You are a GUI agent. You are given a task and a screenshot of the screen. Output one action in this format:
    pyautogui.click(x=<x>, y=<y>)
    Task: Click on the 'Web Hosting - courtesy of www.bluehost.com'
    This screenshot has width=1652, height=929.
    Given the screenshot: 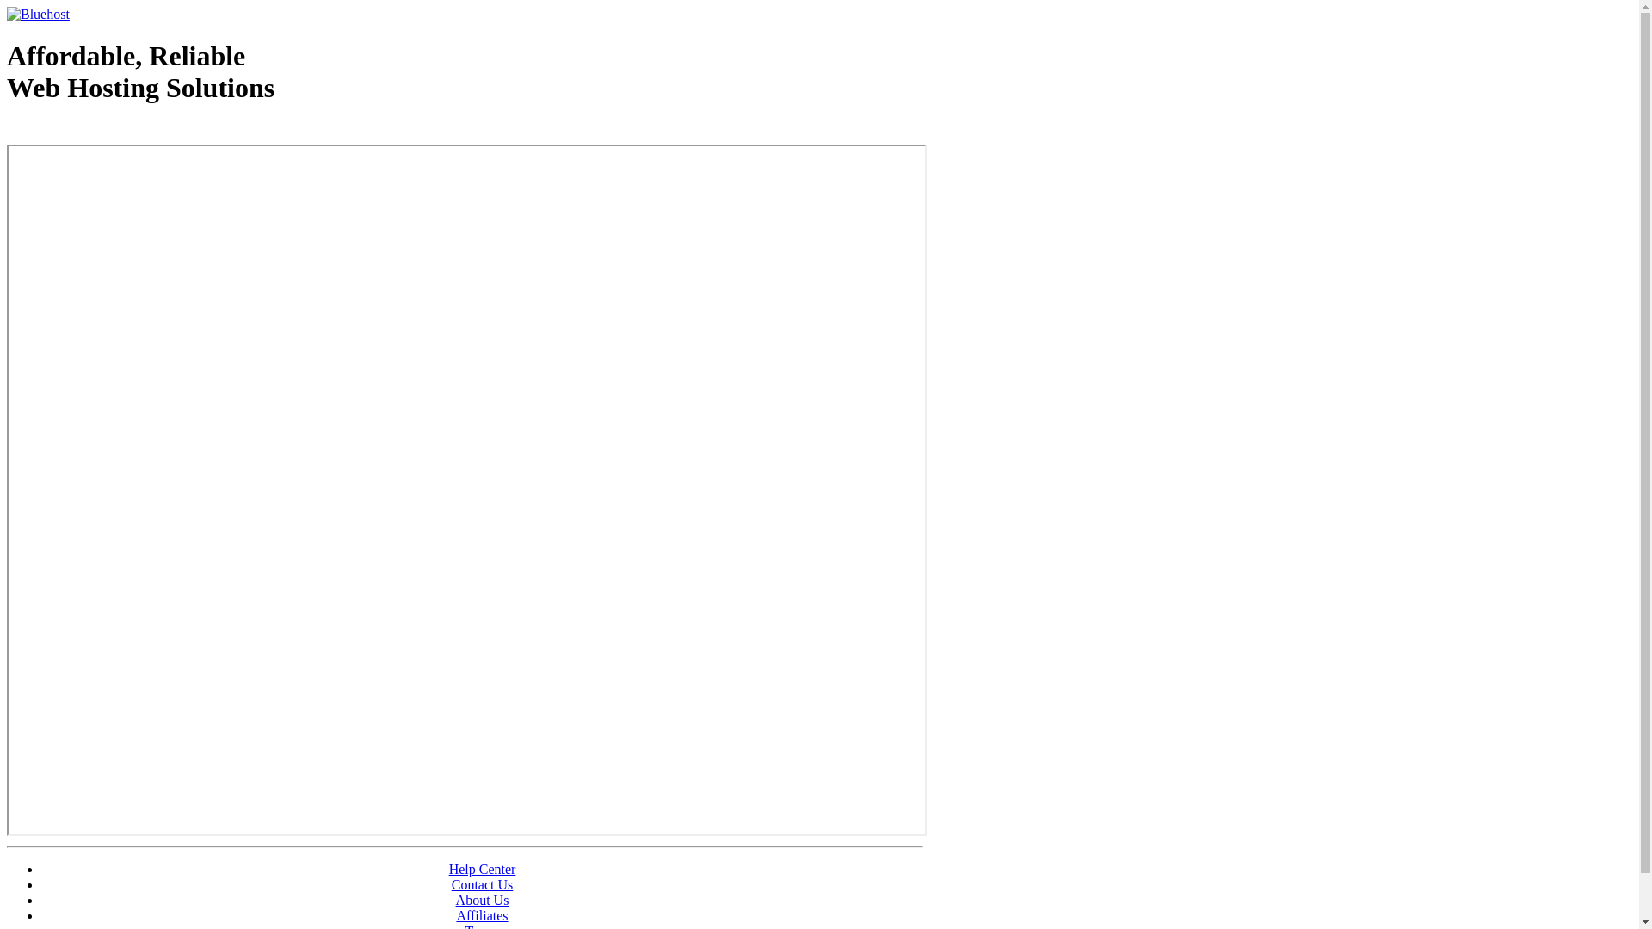 What is the action you would take?
    pyautogui.click(x=7, y=131)
    